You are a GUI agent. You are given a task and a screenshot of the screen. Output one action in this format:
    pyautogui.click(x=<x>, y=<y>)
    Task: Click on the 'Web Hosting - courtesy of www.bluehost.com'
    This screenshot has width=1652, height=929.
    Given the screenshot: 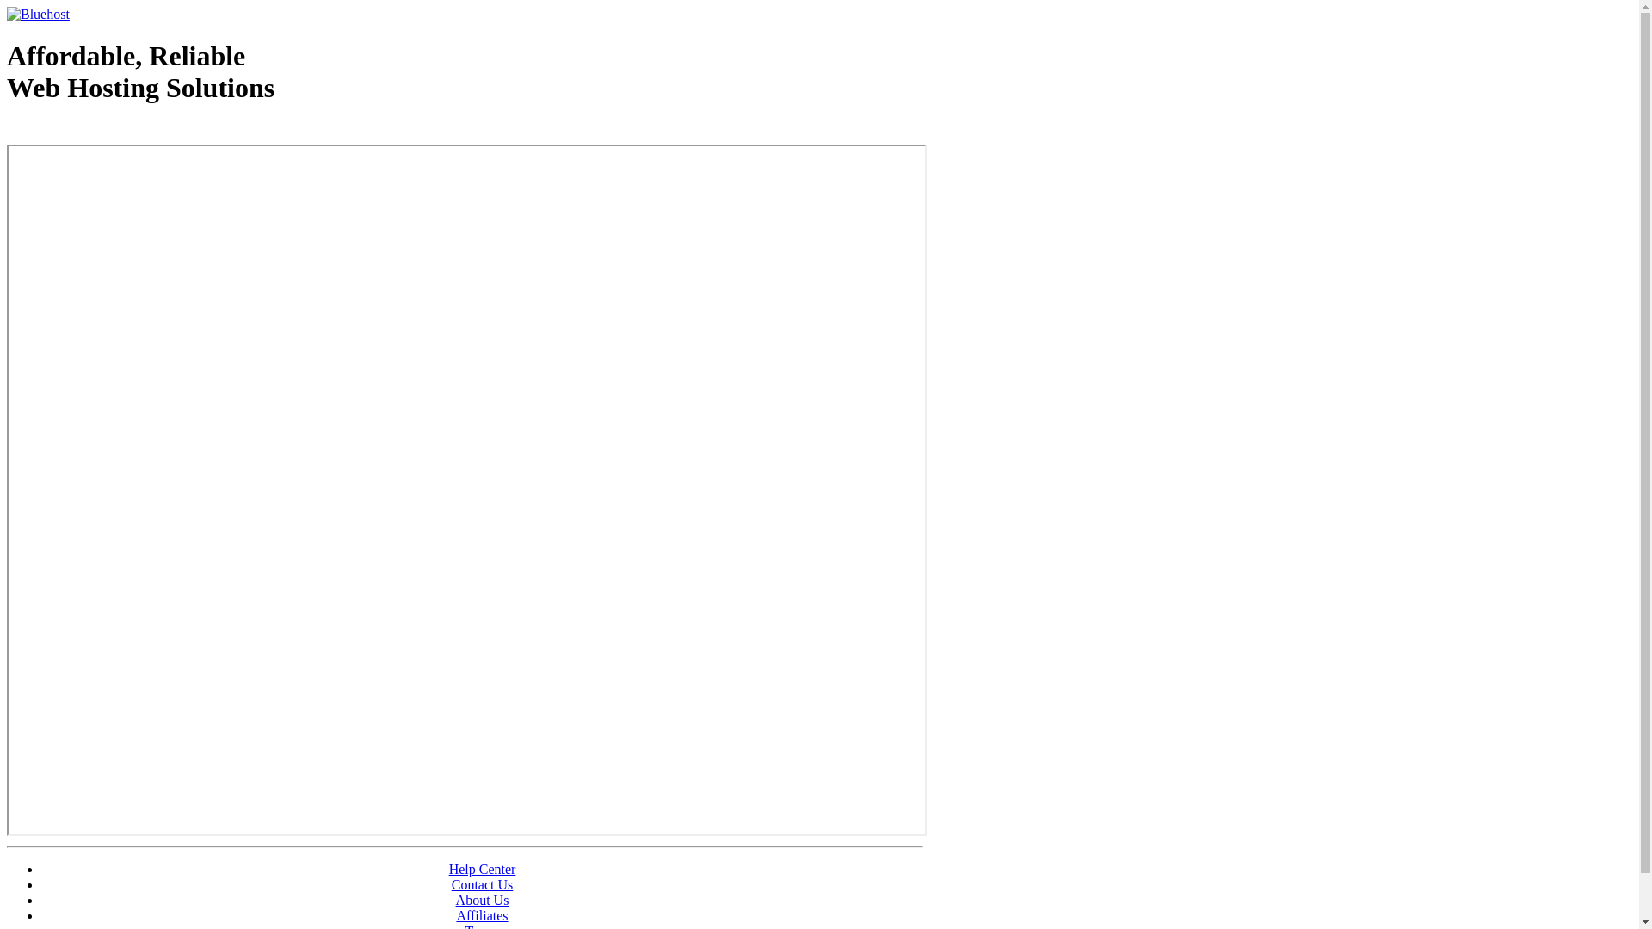 What is the action you would take?
    pyautogui.click(x=7, y=131)
    